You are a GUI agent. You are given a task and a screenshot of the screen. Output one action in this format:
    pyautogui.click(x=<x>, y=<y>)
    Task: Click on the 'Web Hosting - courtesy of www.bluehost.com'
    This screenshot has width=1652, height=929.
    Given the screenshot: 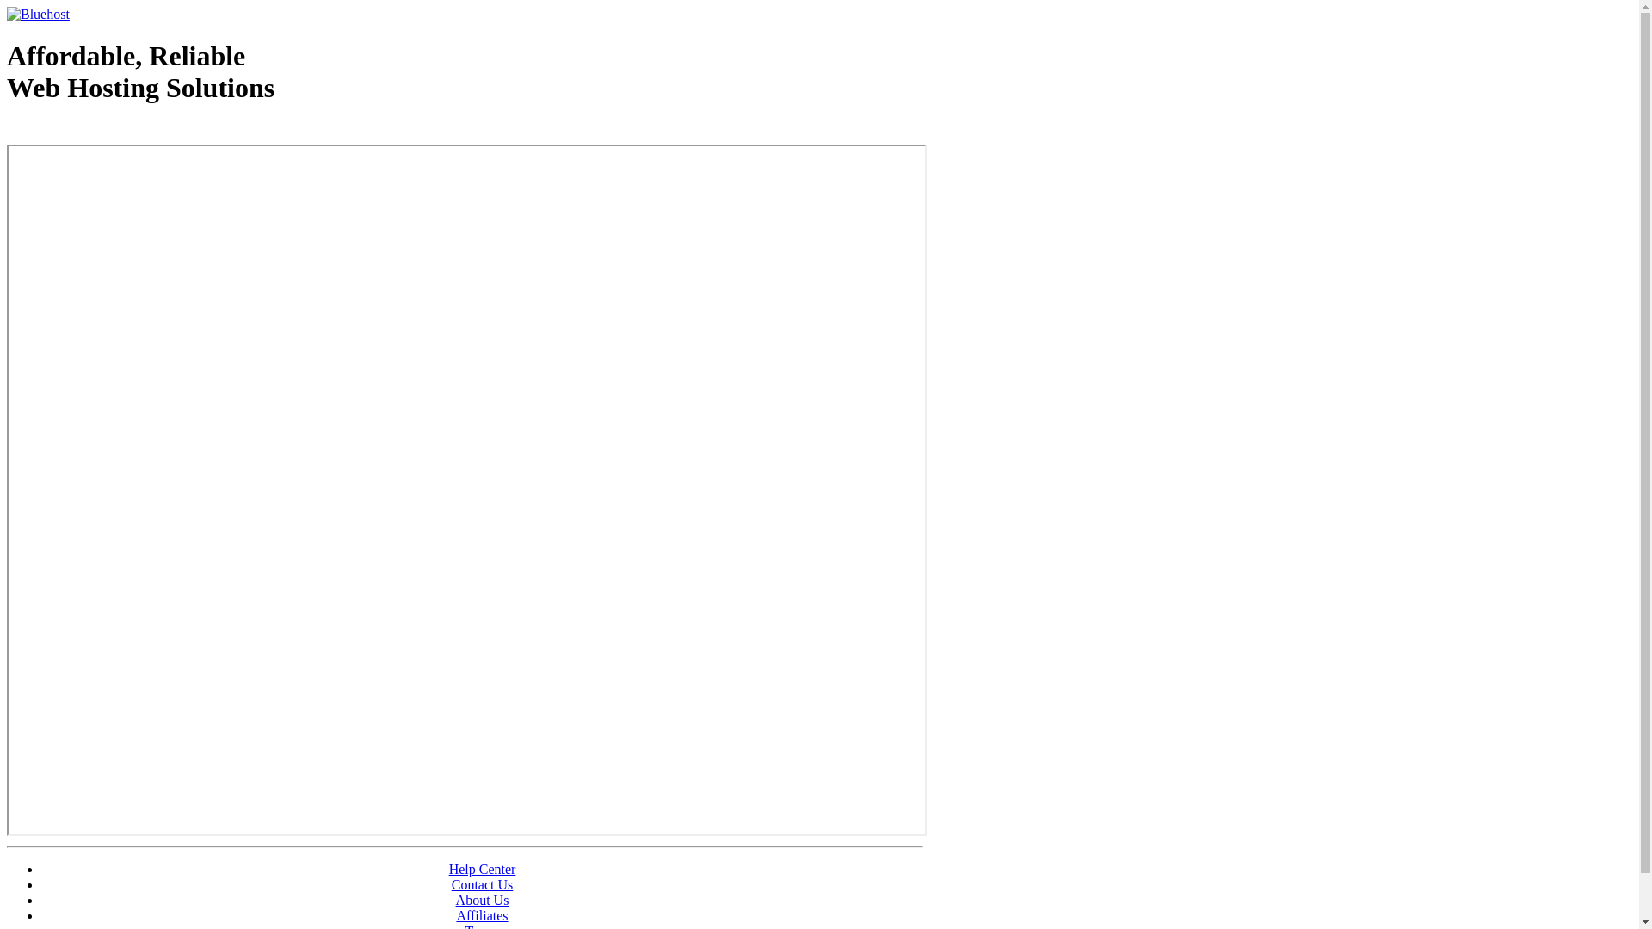 What is the action you would take?
    pyautogui.click(x=7, y=131)
    